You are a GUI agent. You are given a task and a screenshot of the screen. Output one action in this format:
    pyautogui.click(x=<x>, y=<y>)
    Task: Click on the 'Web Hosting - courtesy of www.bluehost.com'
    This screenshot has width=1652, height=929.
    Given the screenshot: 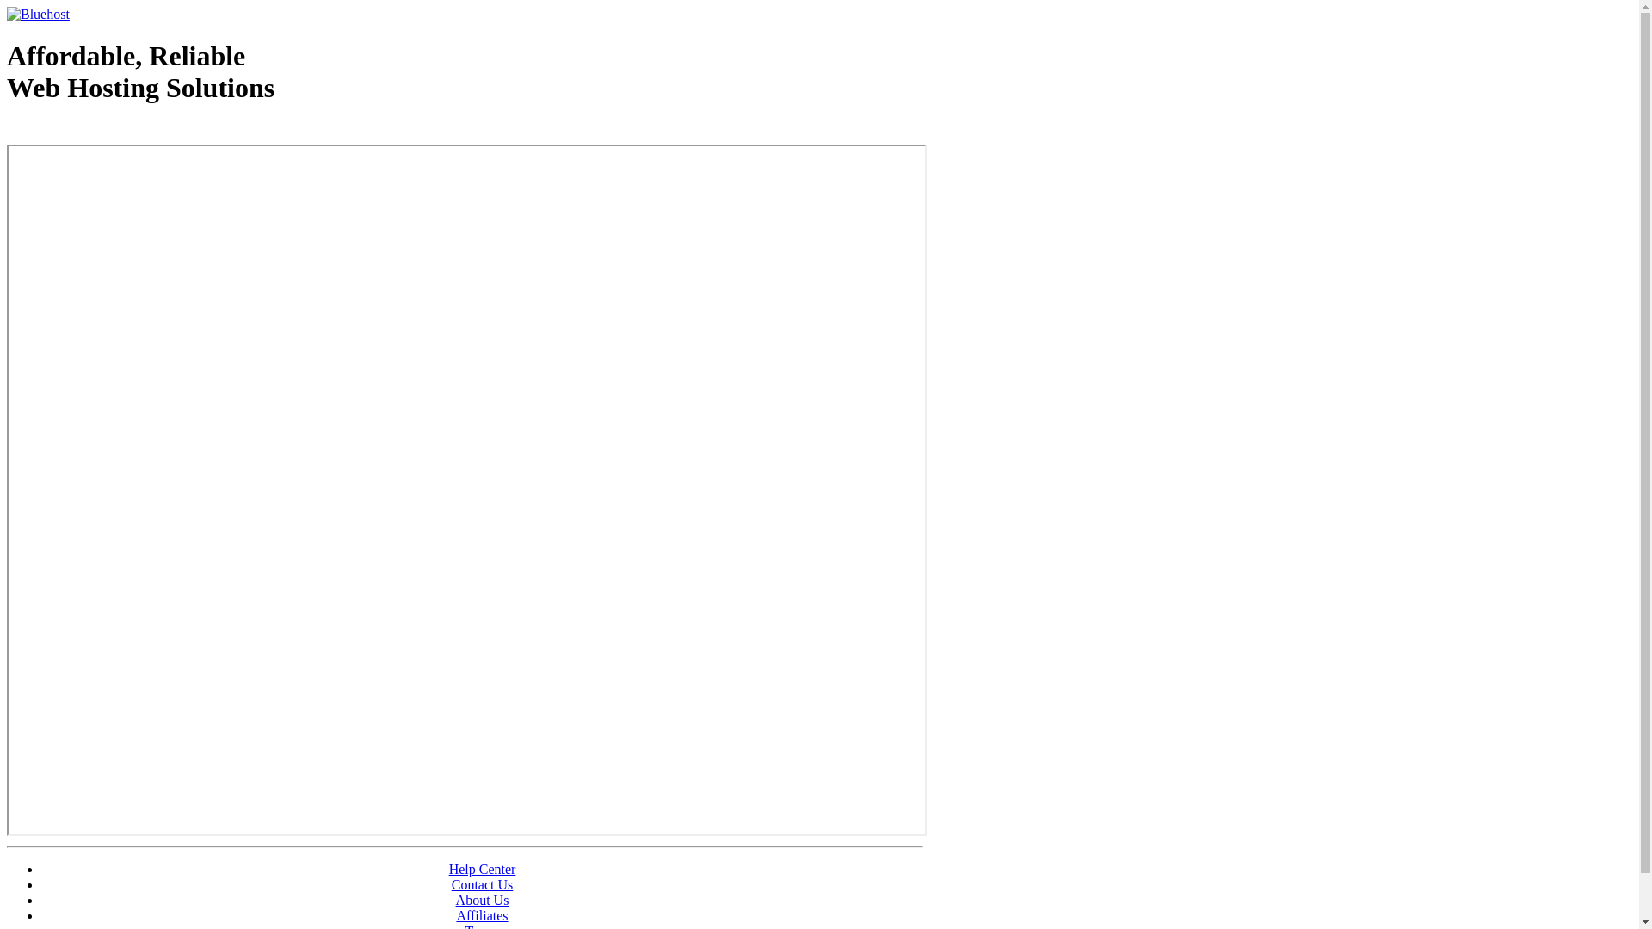 What is the action you would take?
    pyautogui.click(x=7, y=131)
    